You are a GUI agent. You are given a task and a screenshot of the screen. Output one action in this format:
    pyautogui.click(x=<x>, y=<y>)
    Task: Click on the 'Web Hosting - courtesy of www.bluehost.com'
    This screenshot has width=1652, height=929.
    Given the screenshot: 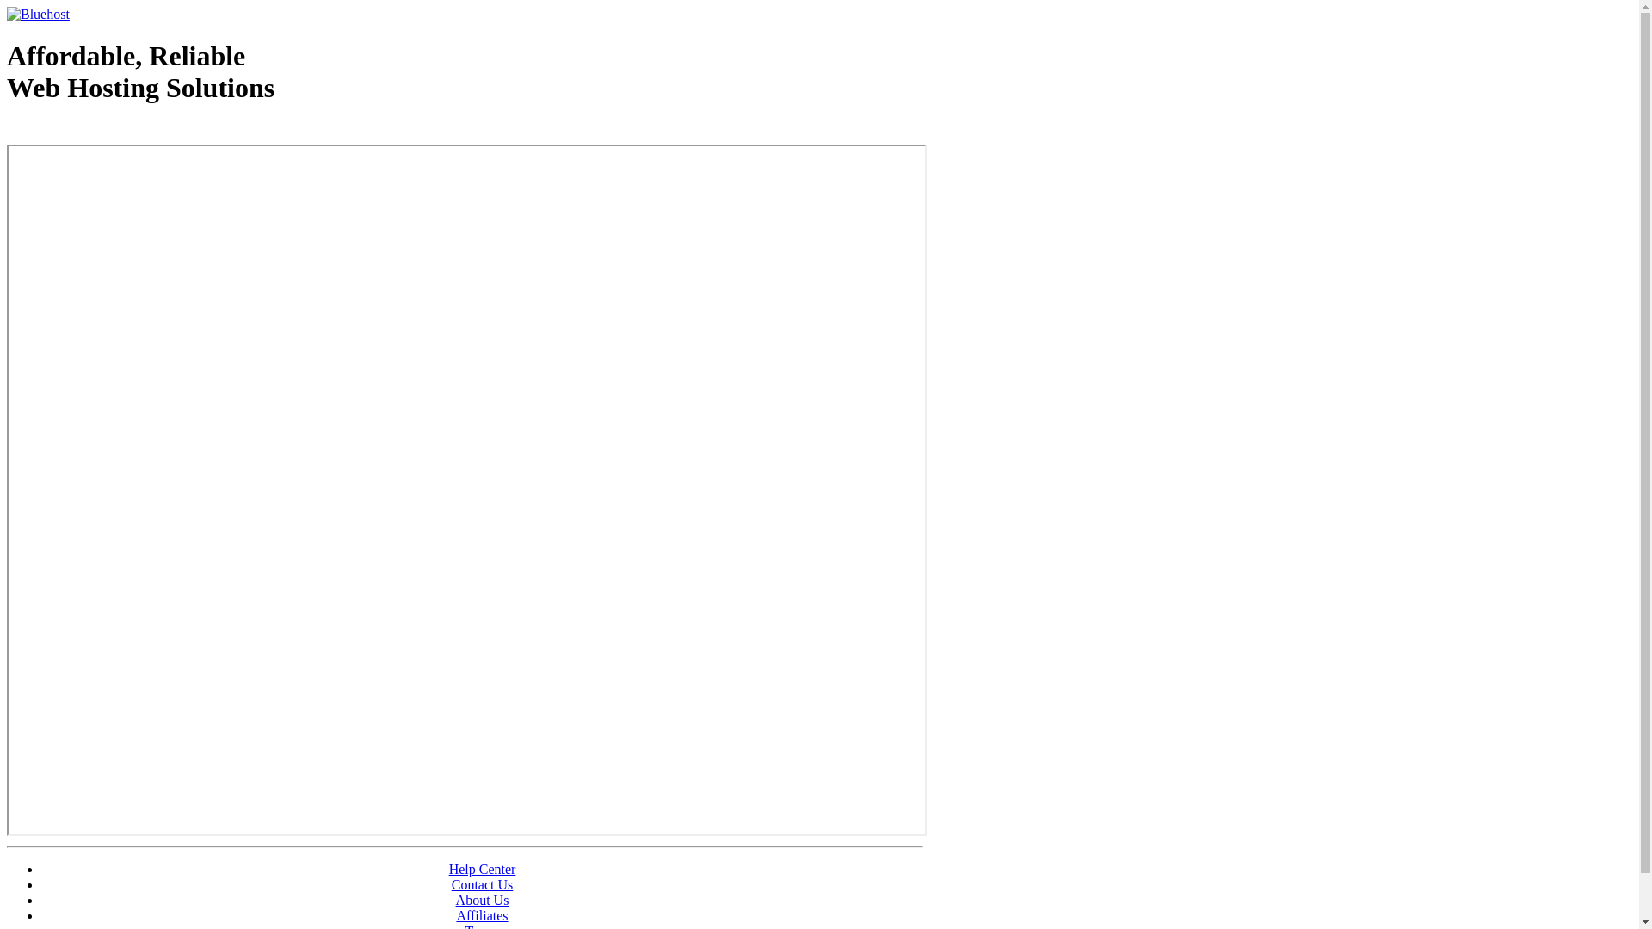 What is the action you would take?
    pyautogui.click(x=7, y=131)
    